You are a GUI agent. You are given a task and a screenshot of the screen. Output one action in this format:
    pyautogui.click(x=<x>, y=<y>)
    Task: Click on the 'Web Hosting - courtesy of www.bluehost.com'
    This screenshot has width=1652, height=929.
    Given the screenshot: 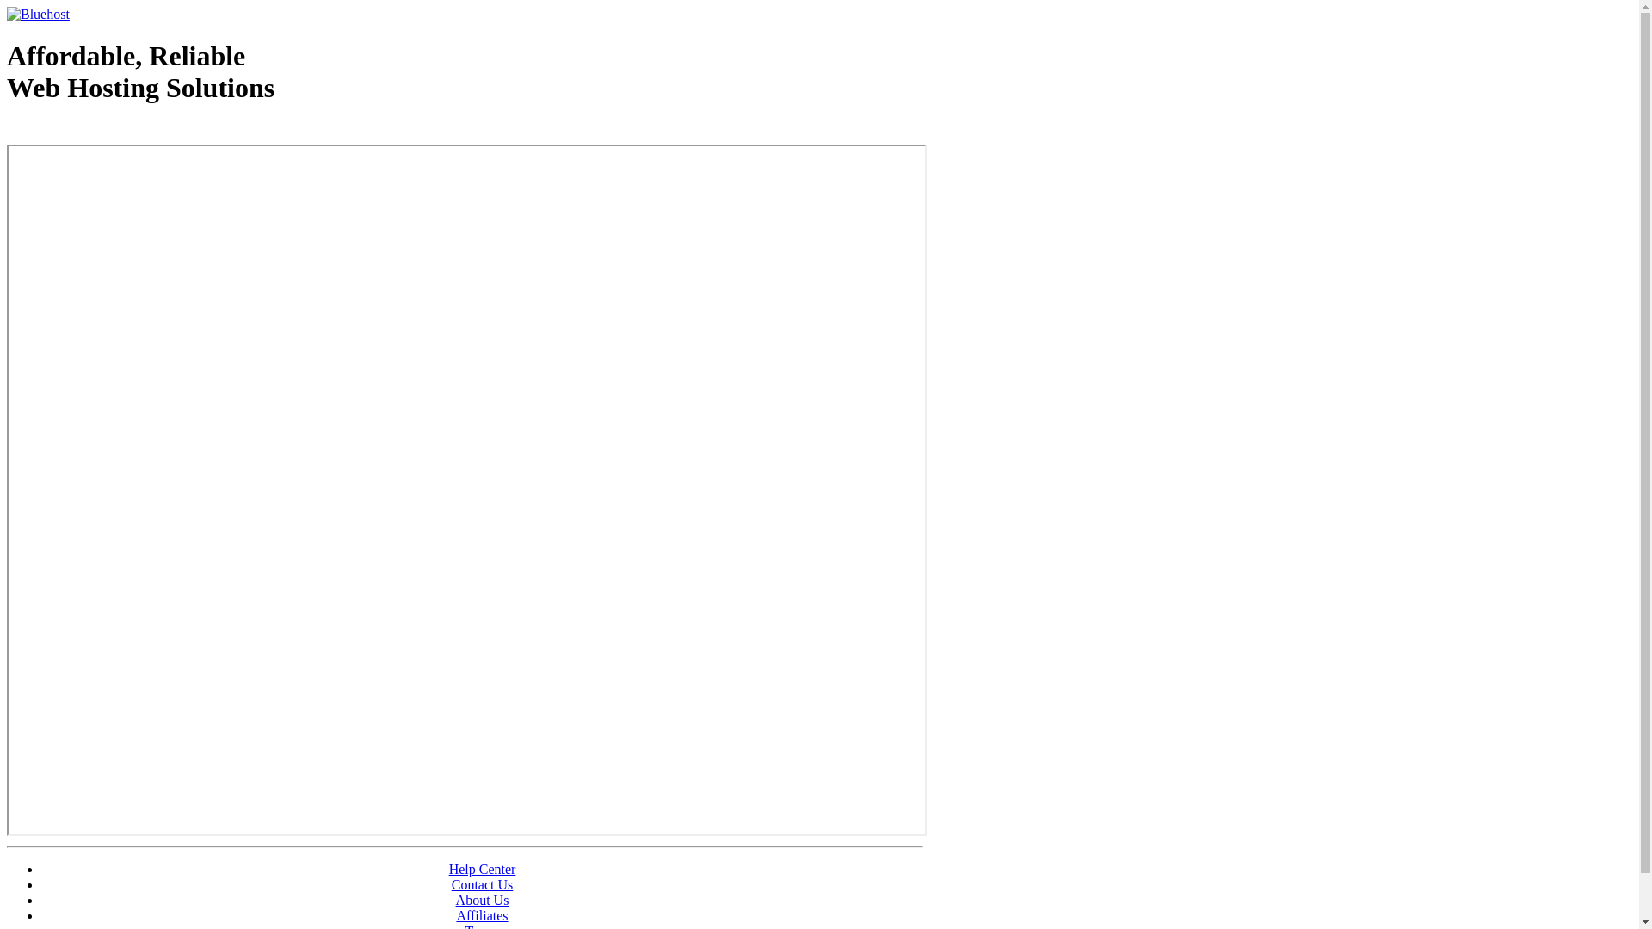 What is the action you would take?
    pyautogui.click(x=7, y=131)
    